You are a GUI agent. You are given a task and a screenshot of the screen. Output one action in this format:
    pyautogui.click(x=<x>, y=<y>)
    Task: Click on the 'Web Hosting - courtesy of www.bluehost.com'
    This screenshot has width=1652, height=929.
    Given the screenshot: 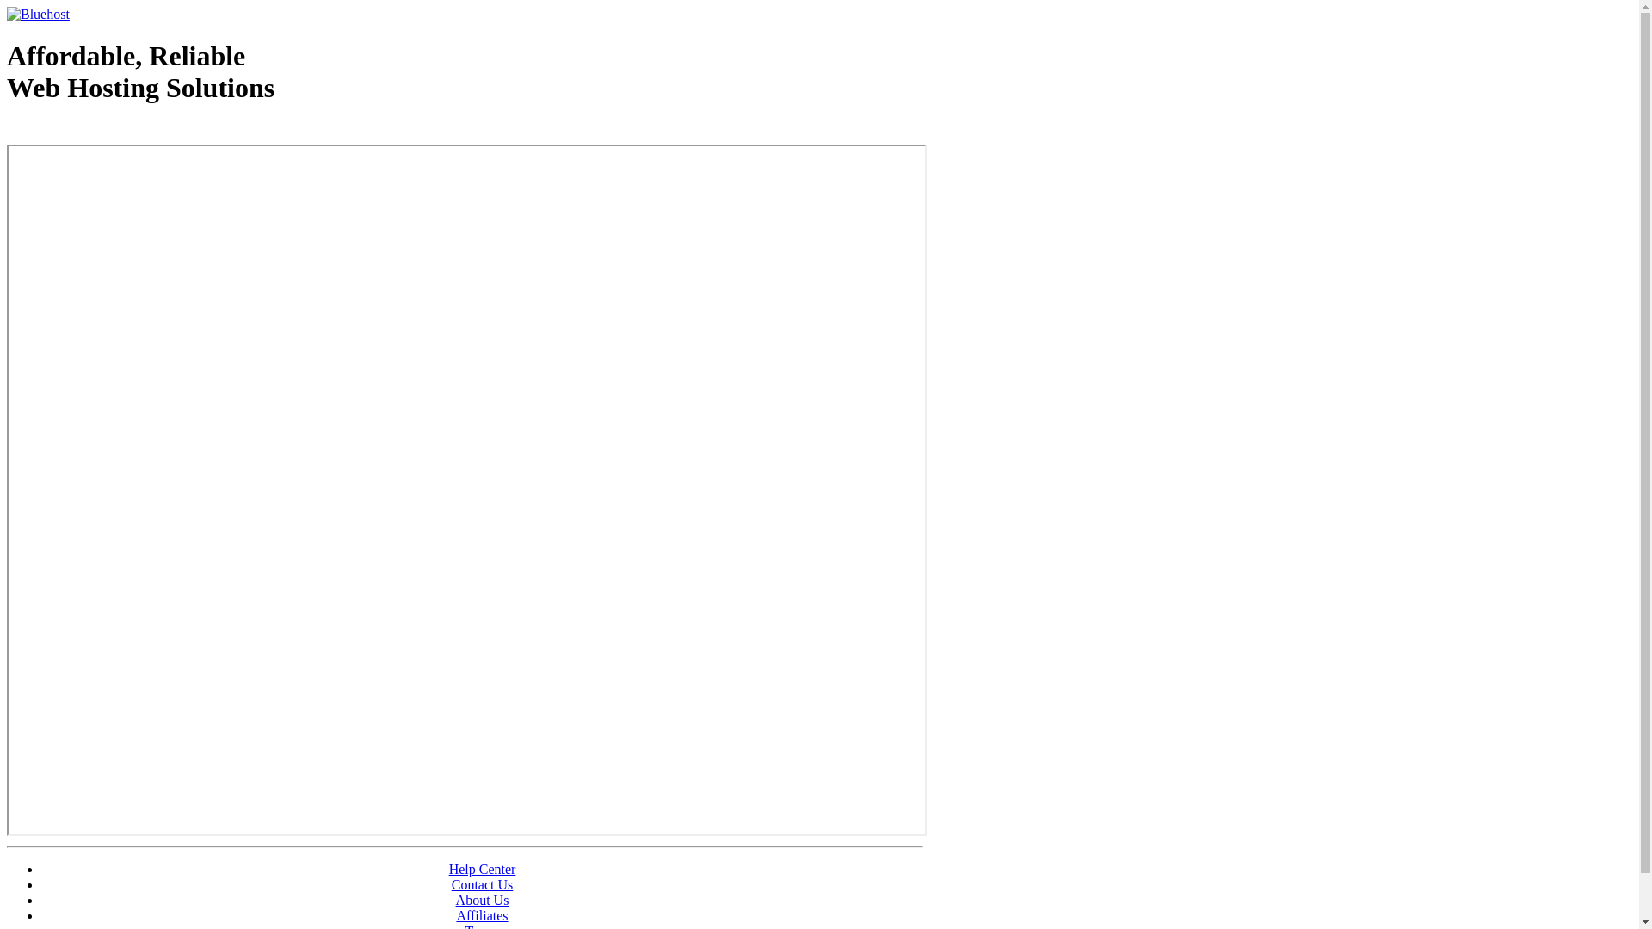 What is the action you would take?
    pyautogui.click(x=7, y=131)
    